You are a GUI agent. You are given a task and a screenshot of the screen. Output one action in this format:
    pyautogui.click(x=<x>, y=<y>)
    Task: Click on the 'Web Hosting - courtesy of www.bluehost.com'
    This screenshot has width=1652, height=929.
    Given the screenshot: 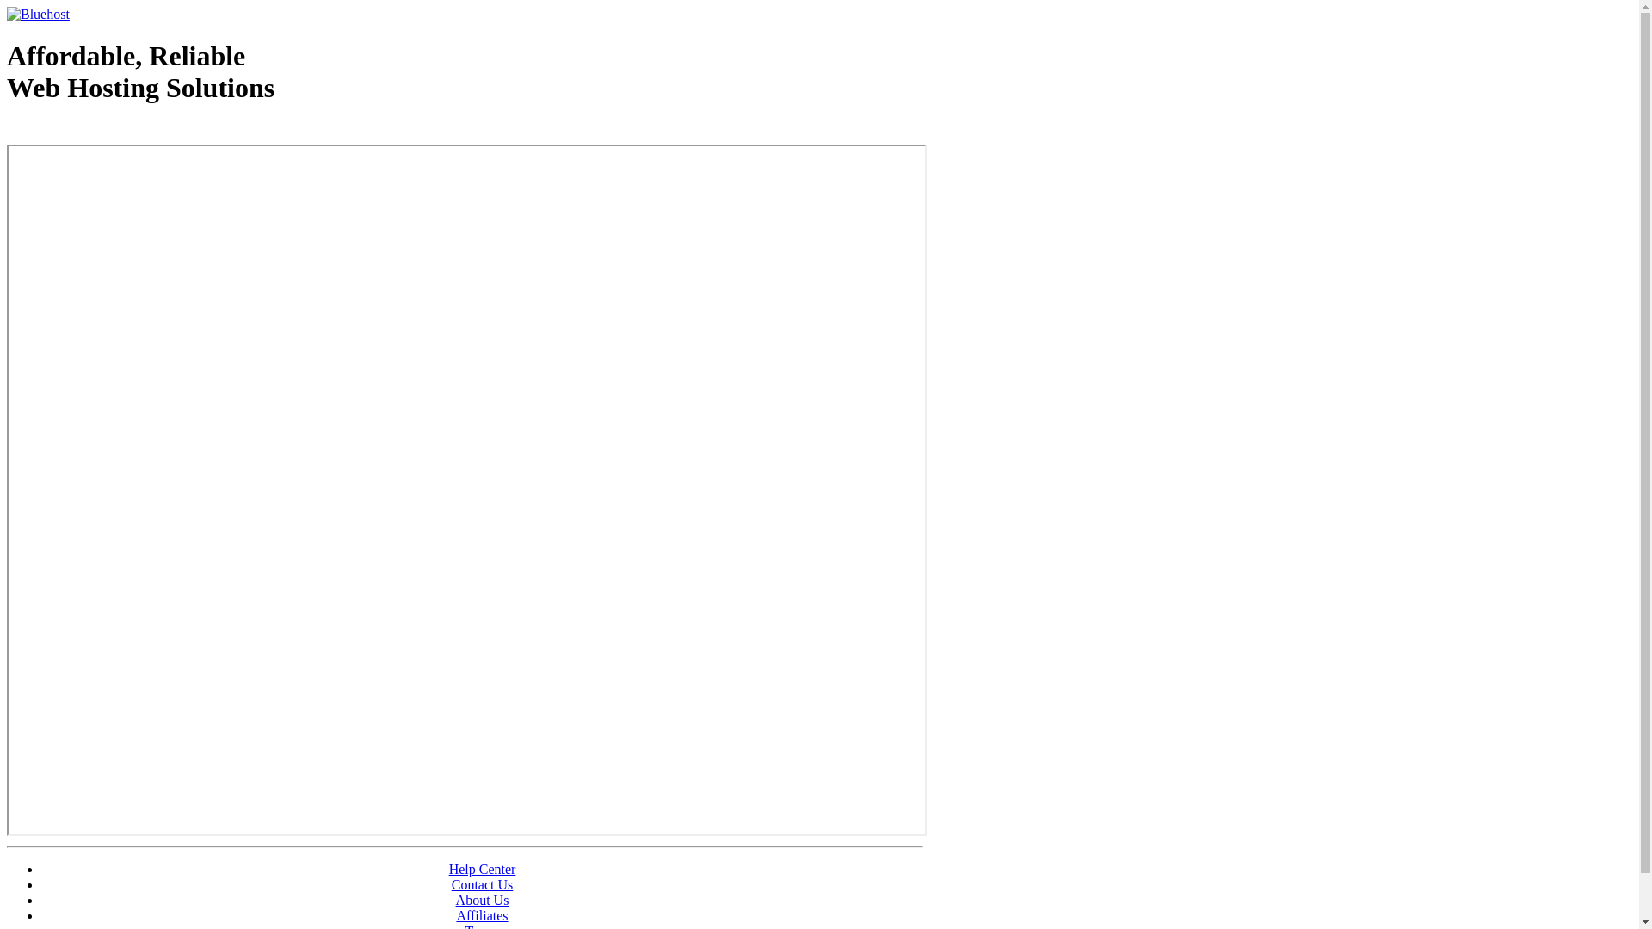 What is the action you would take?
    pyautogui.click(x=7, y=131)
    